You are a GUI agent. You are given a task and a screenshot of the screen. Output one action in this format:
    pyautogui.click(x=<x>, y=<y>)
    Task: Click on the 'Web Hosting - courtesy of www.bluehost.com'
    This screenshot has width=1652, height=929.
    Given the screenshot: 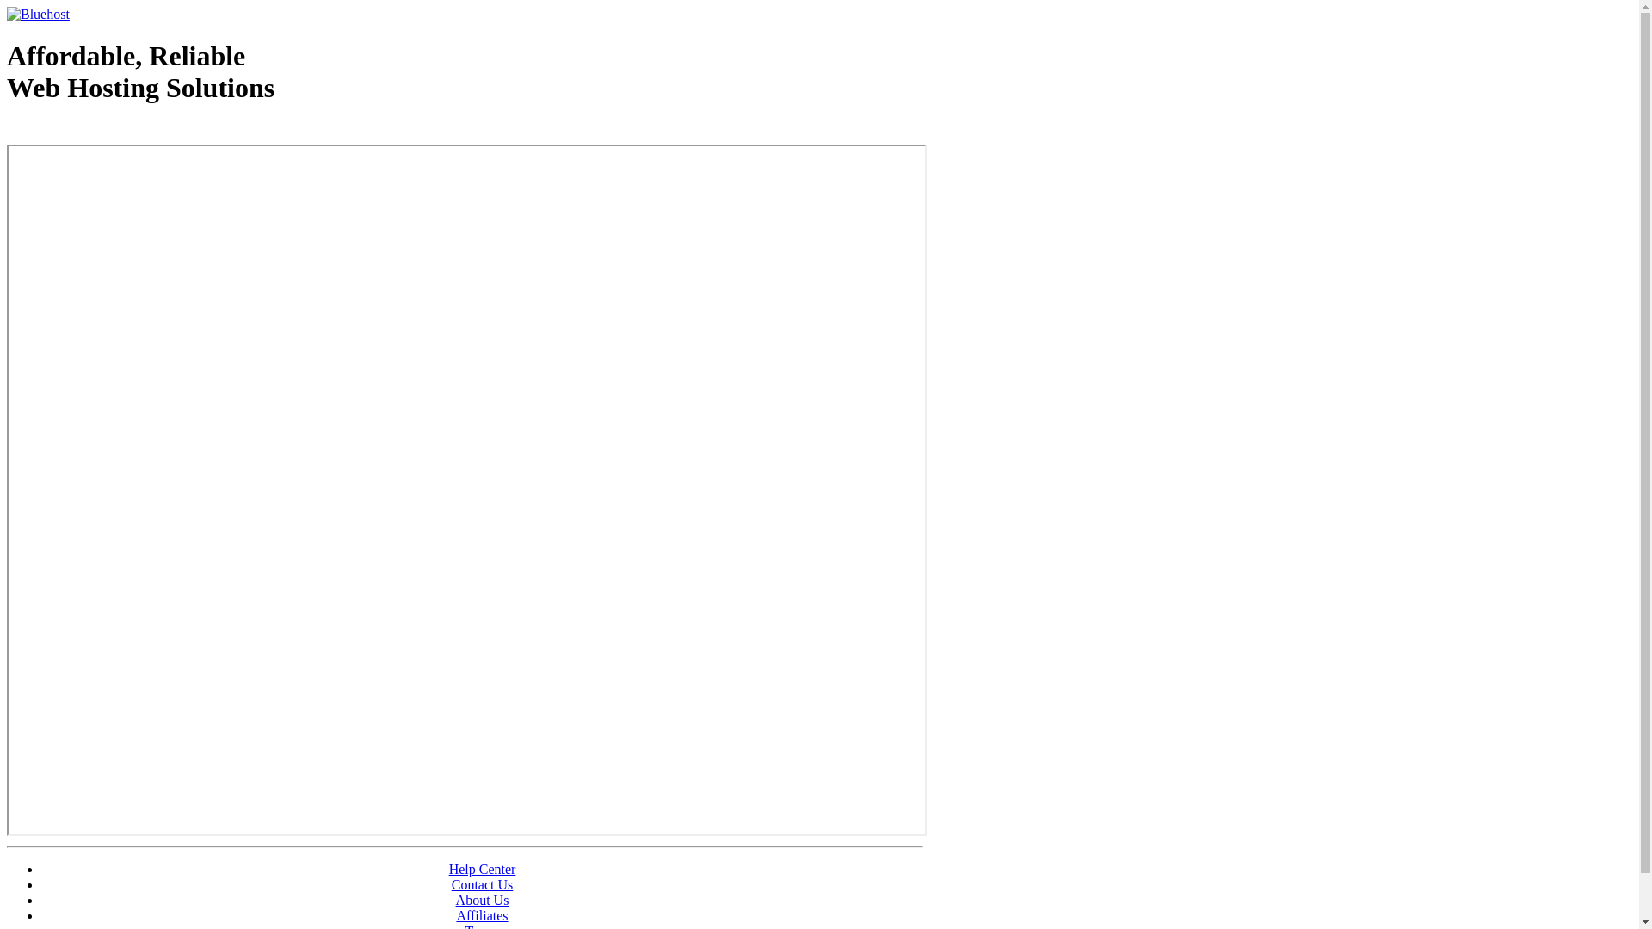 What is the action you would take?
    pyautogui.click(x=7, y=131)
    